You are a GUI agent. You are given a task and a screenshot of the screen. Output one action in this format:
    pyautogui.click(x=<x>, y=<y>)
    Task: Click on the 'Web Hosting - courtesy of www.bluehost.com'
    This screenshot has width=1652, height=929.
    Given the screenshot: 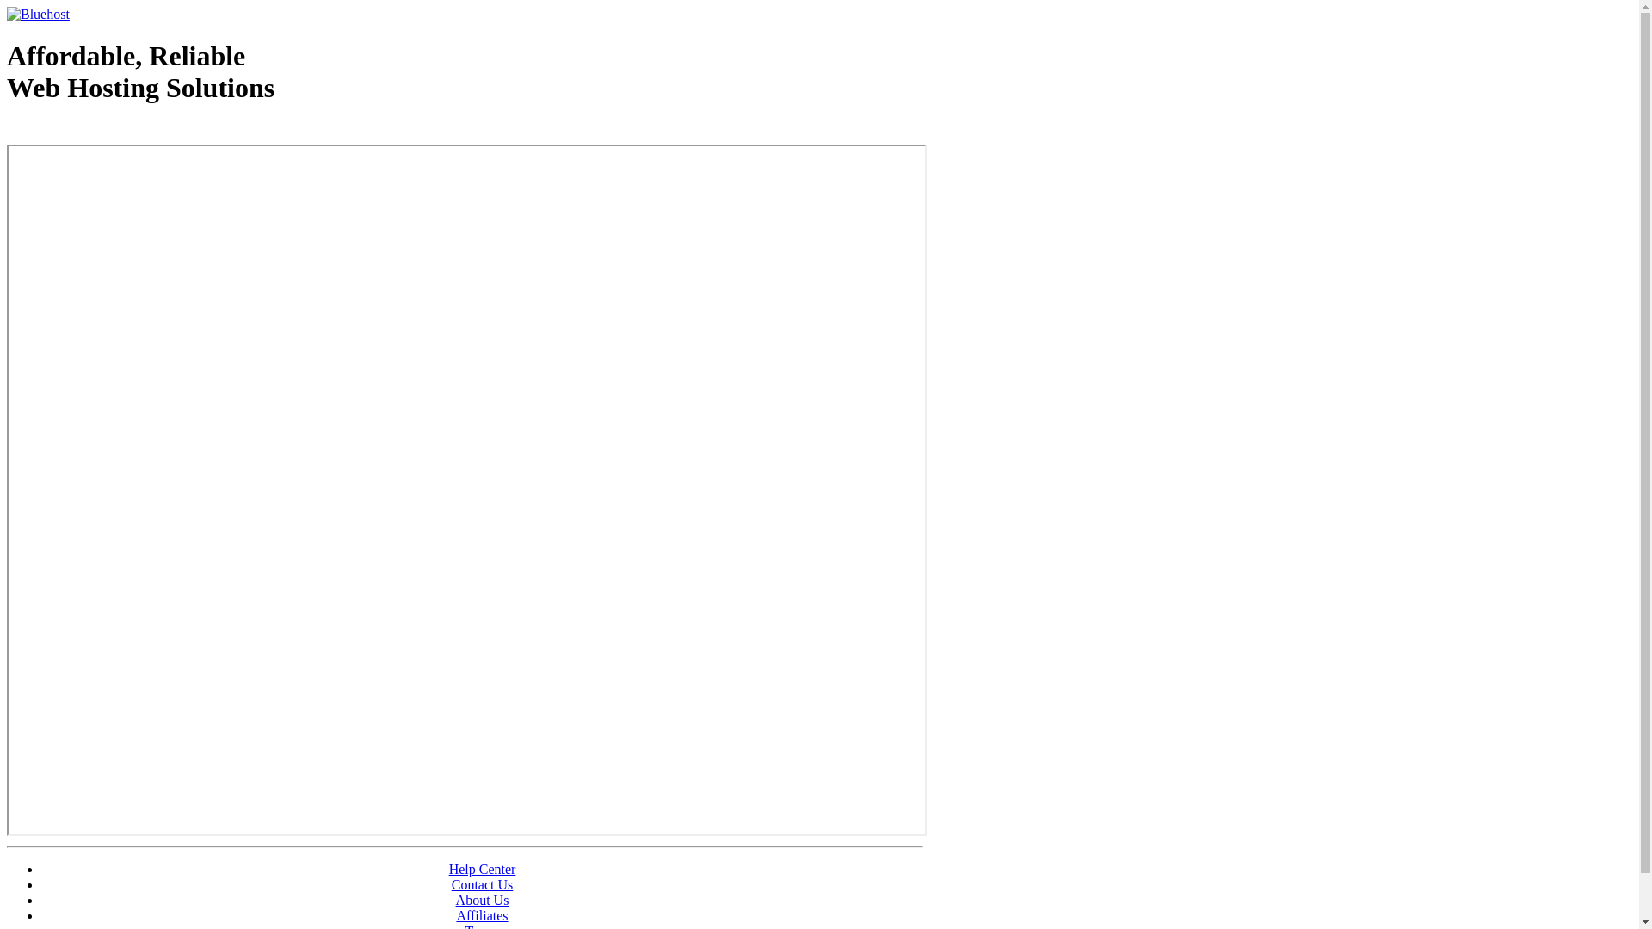 What is the action you would take?
    pyautogui.click(x=7, y=131)
    